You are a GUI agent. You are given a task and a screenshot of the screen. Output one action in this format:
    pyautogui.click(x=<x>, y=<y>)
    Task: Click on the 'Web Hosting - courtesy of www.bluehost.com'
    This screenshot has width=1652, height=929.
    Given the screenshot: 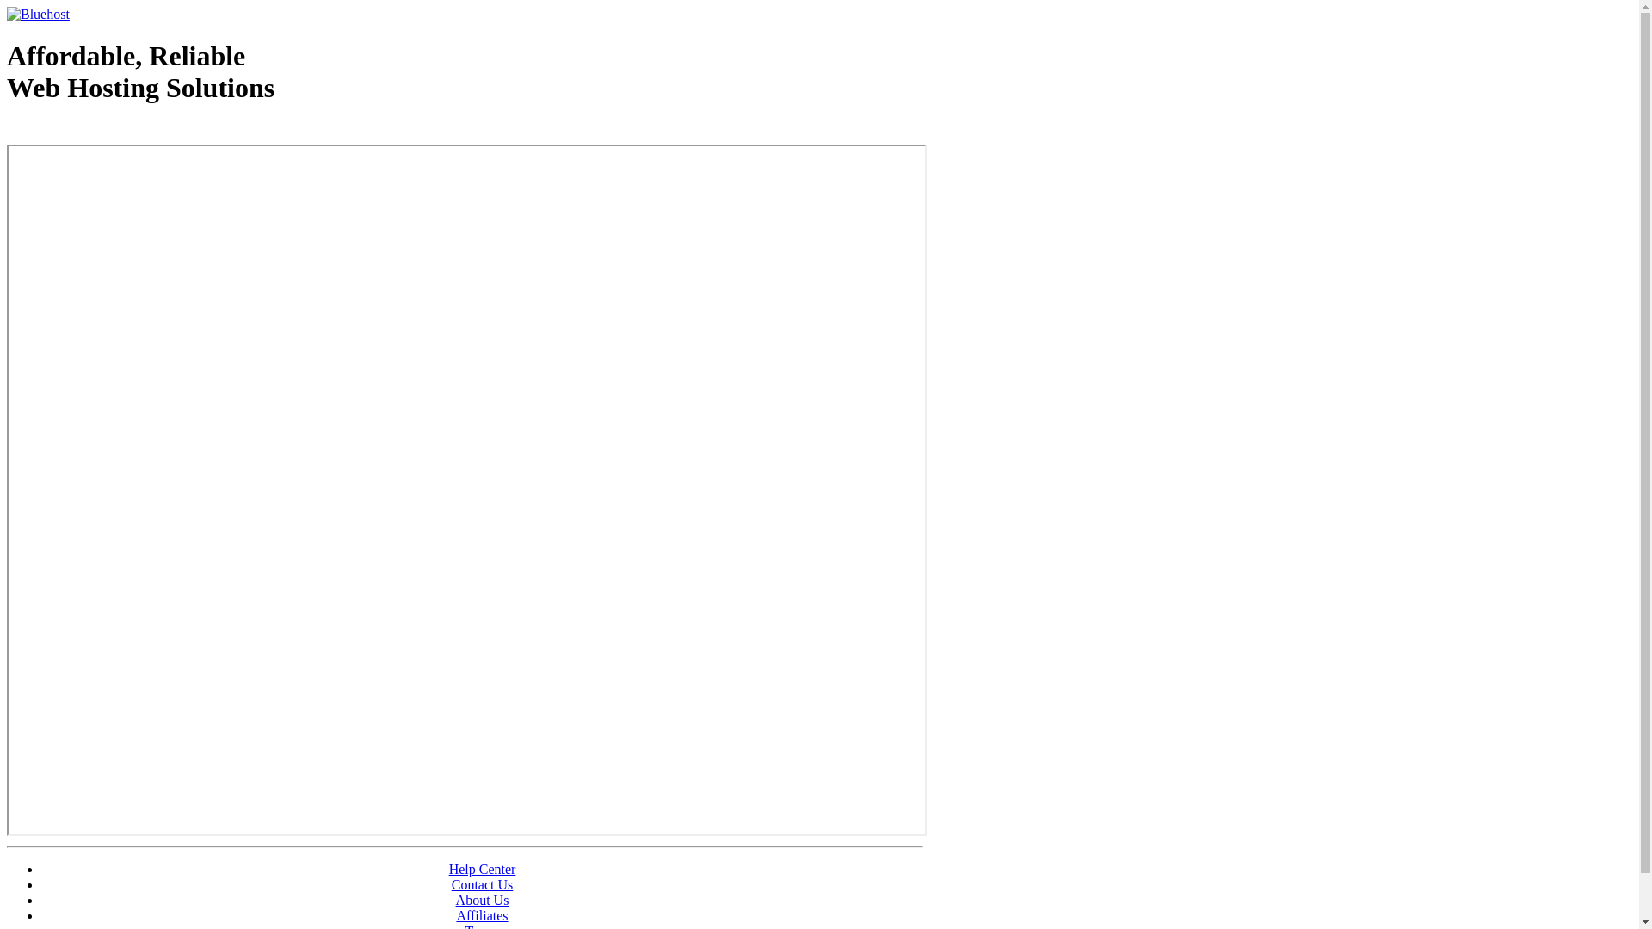 What is the action you would take?
    pyautogui.click(x=7, y=131)
    